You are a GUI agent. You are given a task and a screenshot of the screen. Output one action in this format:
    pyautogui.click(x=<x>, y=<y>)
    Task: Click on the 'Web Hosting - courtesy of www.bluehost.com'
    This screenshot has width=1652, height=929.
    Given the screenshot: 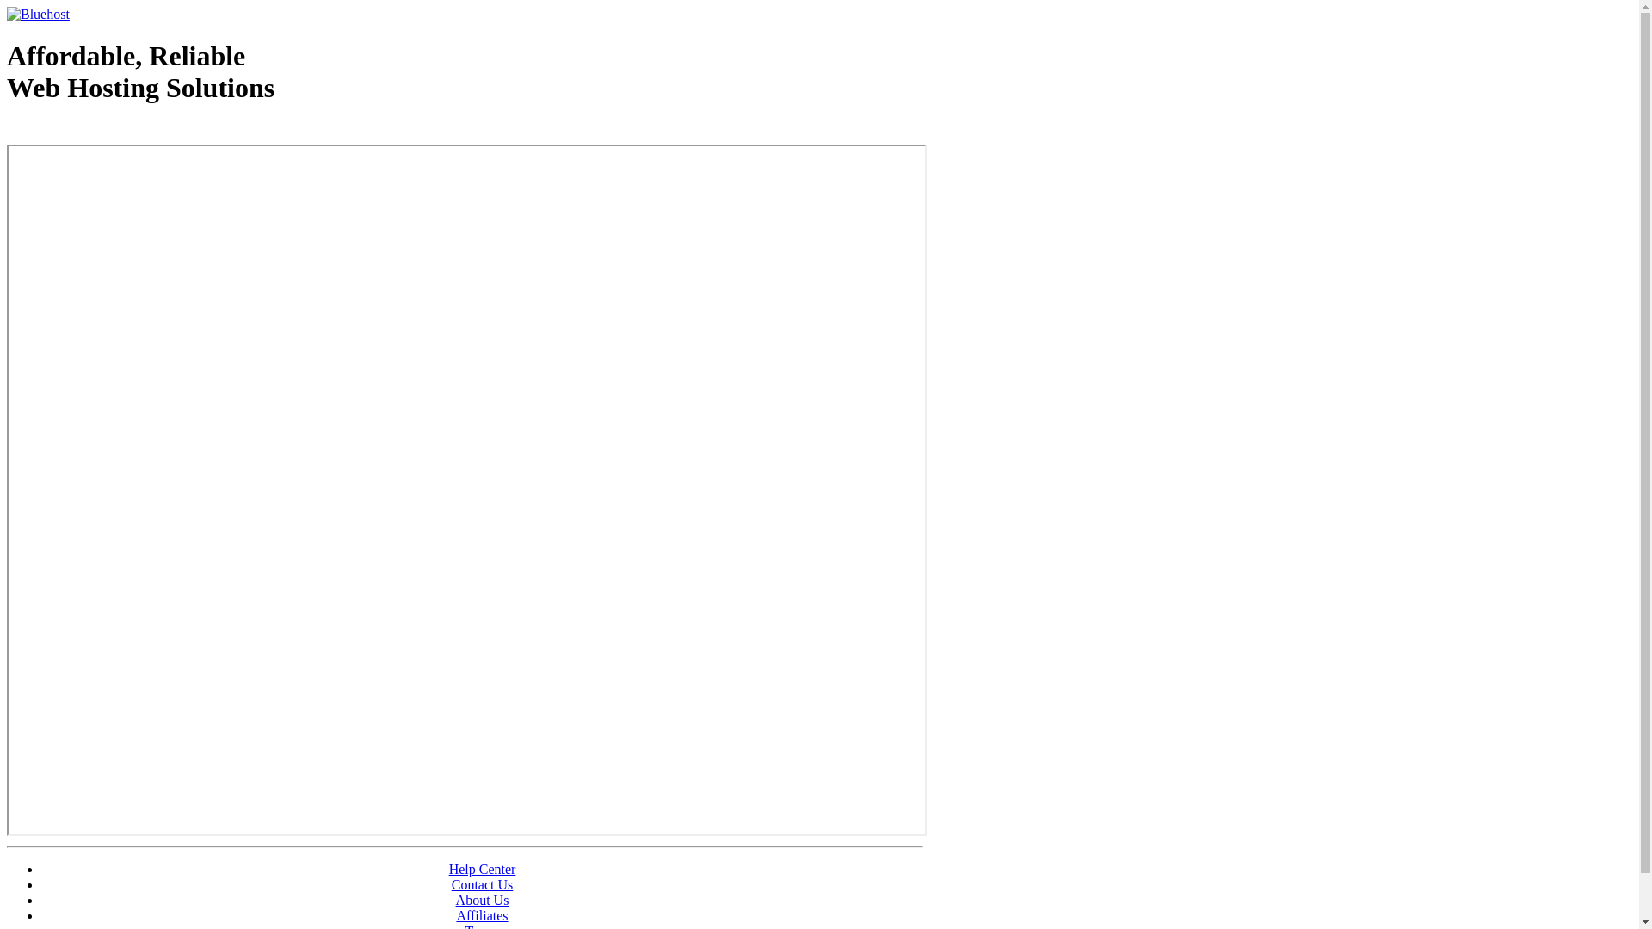 What is the action you would take?
    pyautogui.click(x=7, y=131)
    